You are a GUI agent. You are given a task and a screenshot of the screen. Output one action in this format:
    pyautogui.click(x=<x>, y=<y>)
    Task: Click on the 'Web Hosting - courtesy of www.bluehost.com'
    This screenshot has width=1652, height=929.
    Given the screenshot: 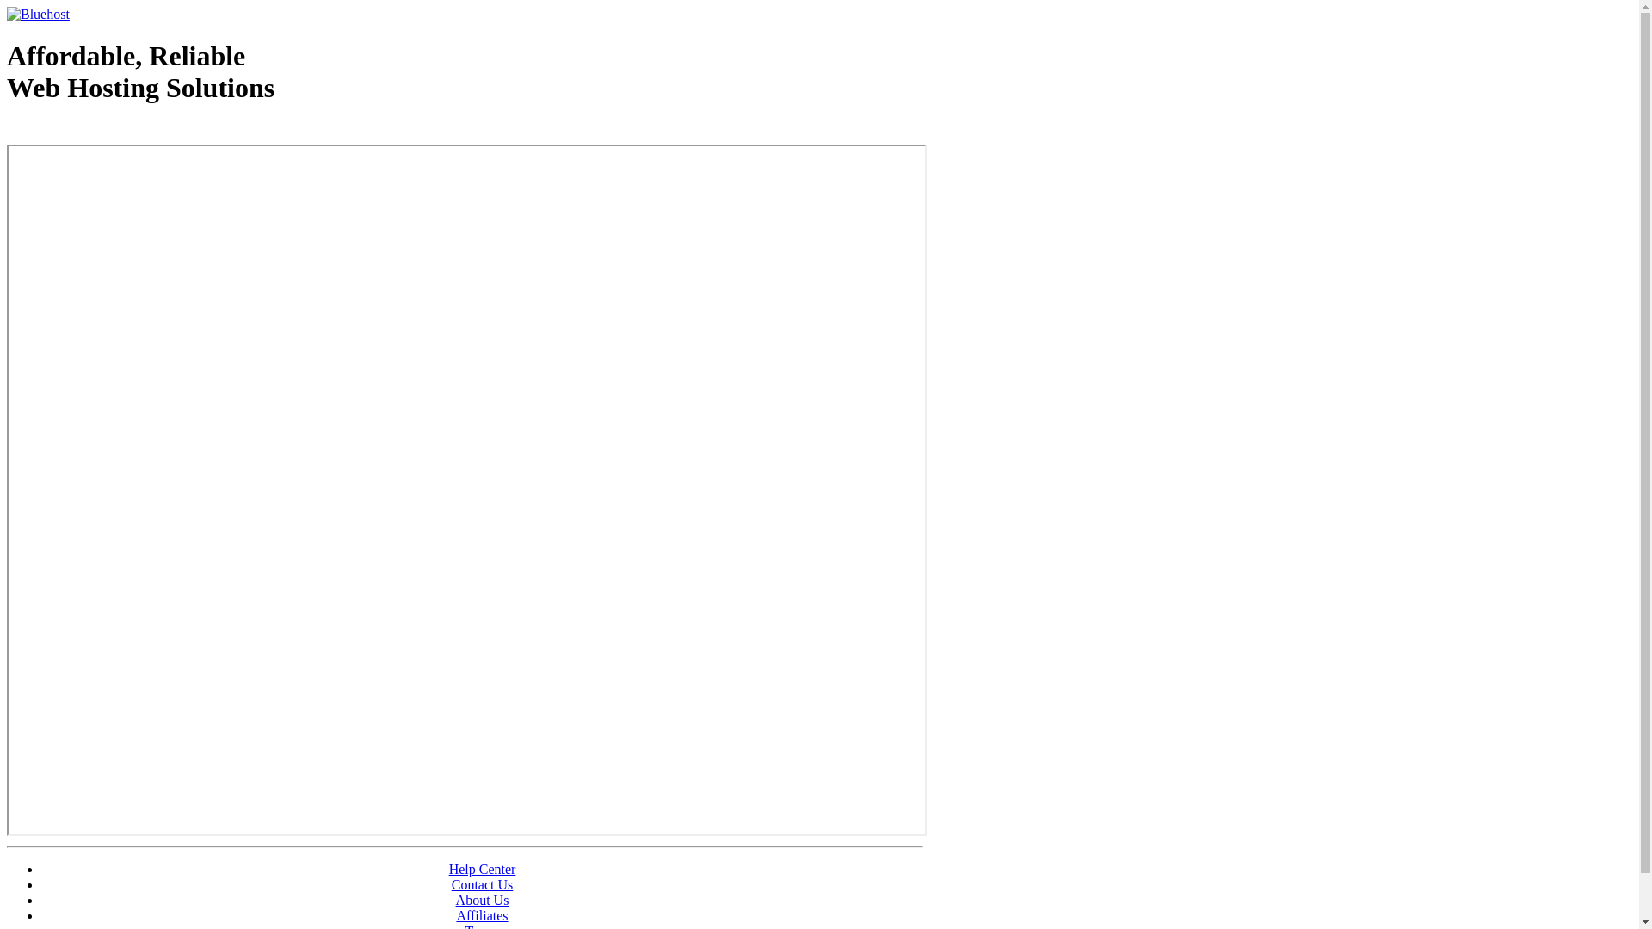 What is the action you would take?
    pyautogui.click(x=7, y=131)
    